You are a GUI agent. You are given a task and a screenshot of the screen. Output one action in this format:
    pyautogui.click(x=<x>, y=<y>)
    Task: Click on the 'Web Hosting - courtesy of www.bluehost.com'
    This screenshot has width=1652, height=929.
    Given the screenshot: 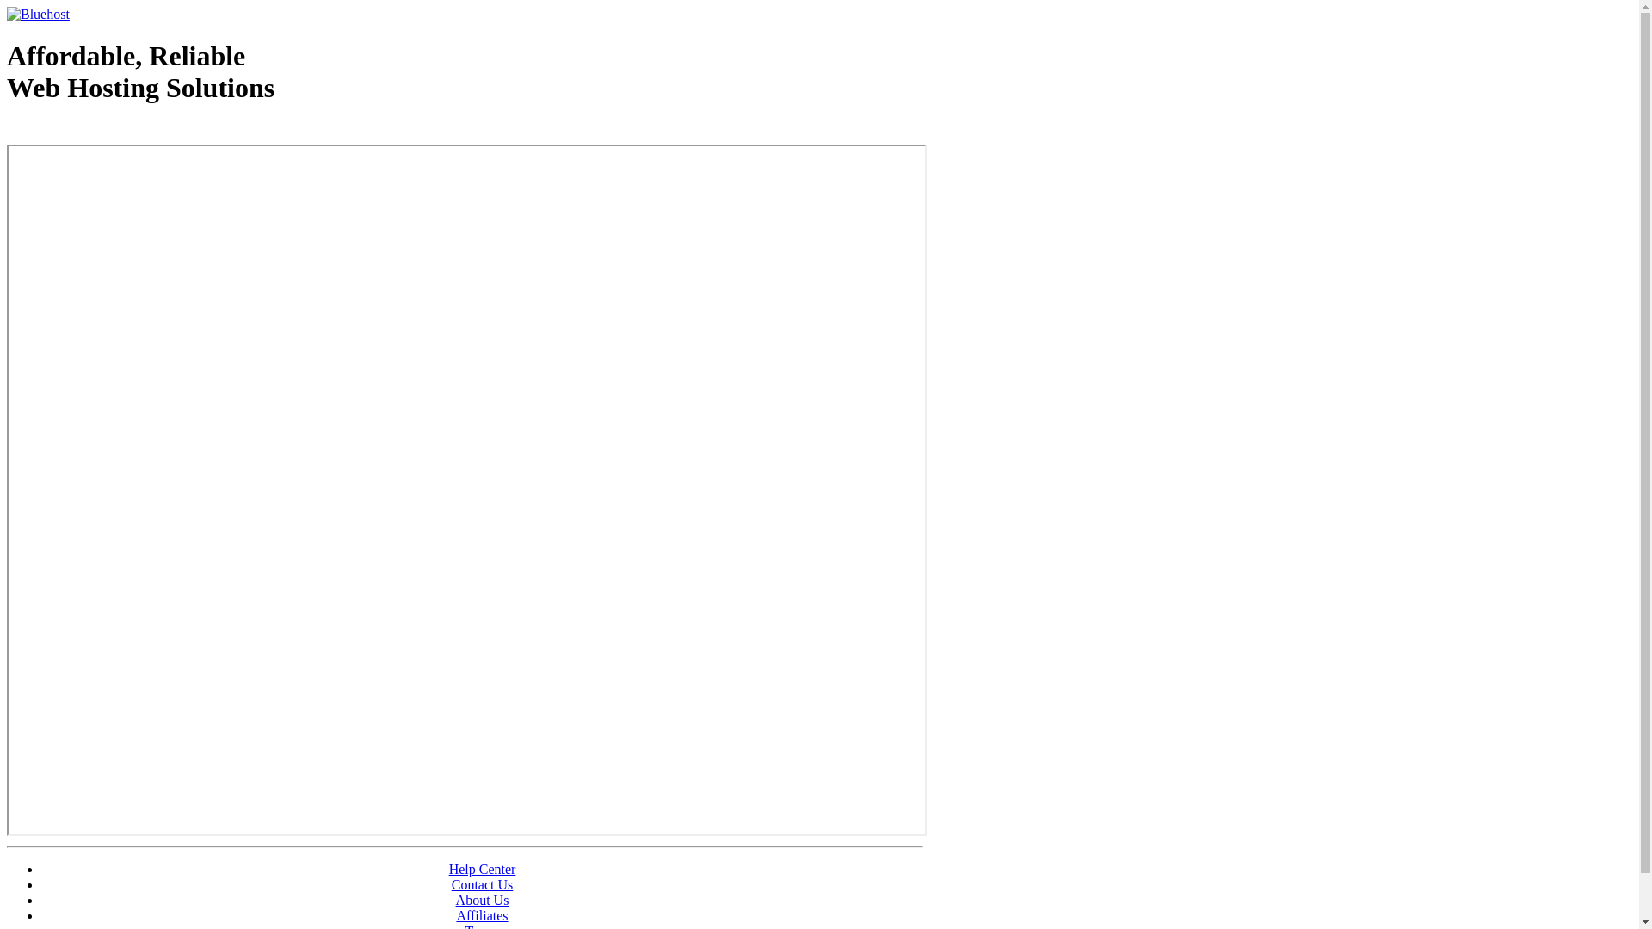 What is the action you would take?
    pyautogui.click(x=7, y=131)
    